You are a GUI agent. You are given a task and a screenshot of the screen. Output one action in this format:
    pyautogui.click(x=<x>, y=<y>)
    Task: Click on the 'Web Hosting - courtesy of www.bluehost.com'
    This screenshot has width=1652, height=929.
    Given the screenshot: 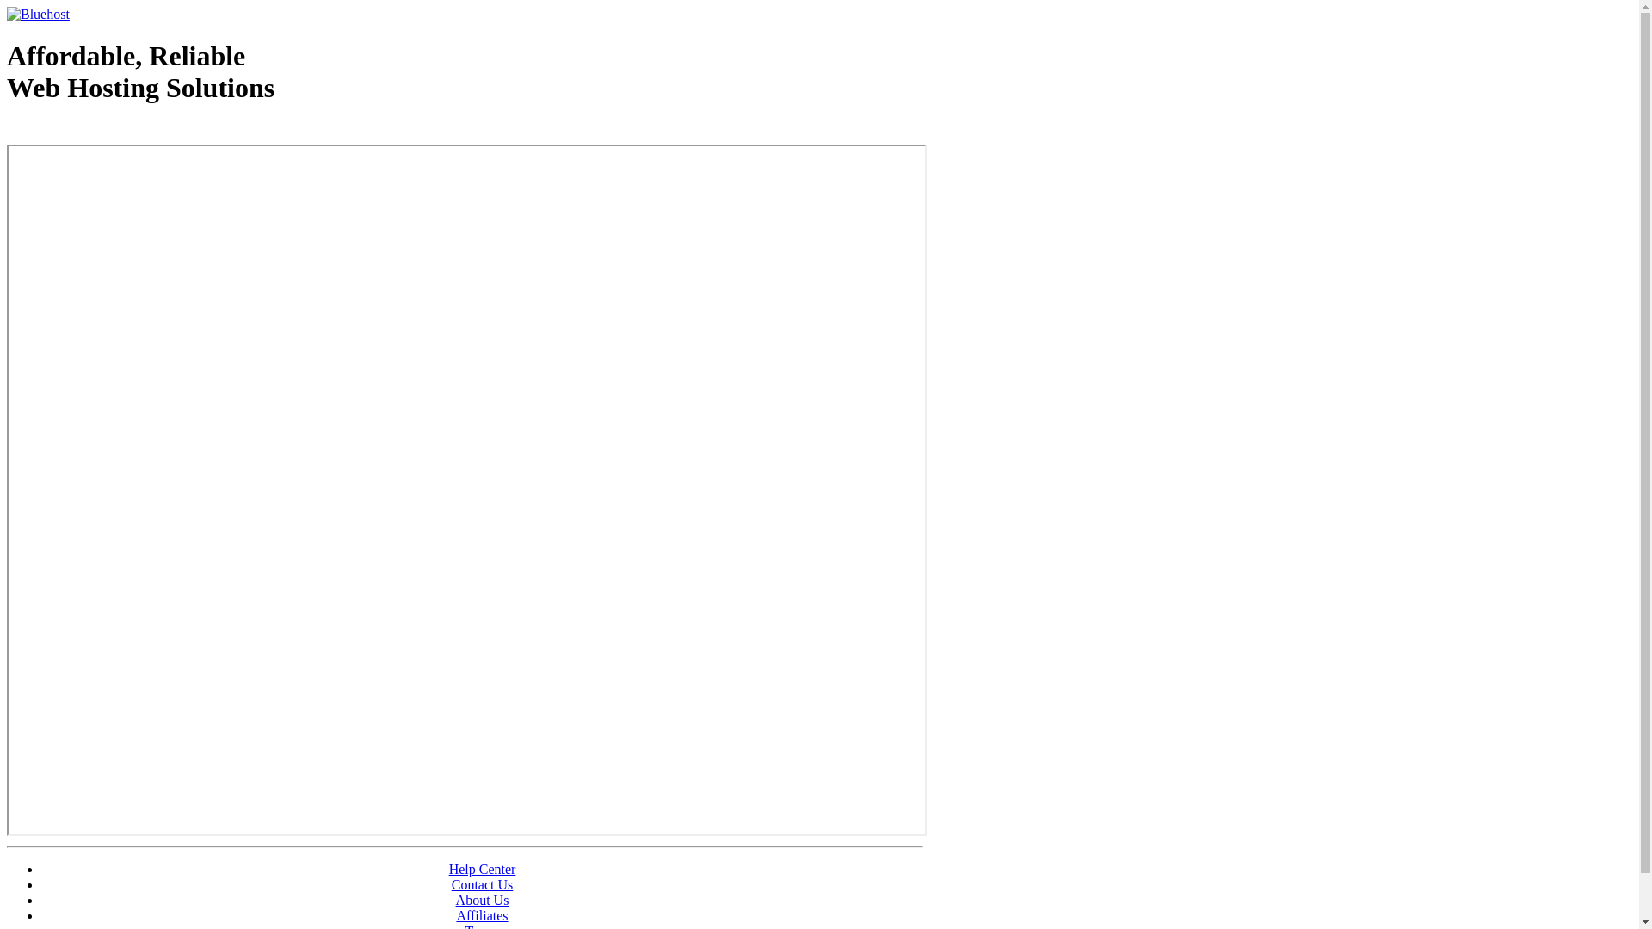 What is the action you would take?
    pyautogui.click(x=7, y=131)
    